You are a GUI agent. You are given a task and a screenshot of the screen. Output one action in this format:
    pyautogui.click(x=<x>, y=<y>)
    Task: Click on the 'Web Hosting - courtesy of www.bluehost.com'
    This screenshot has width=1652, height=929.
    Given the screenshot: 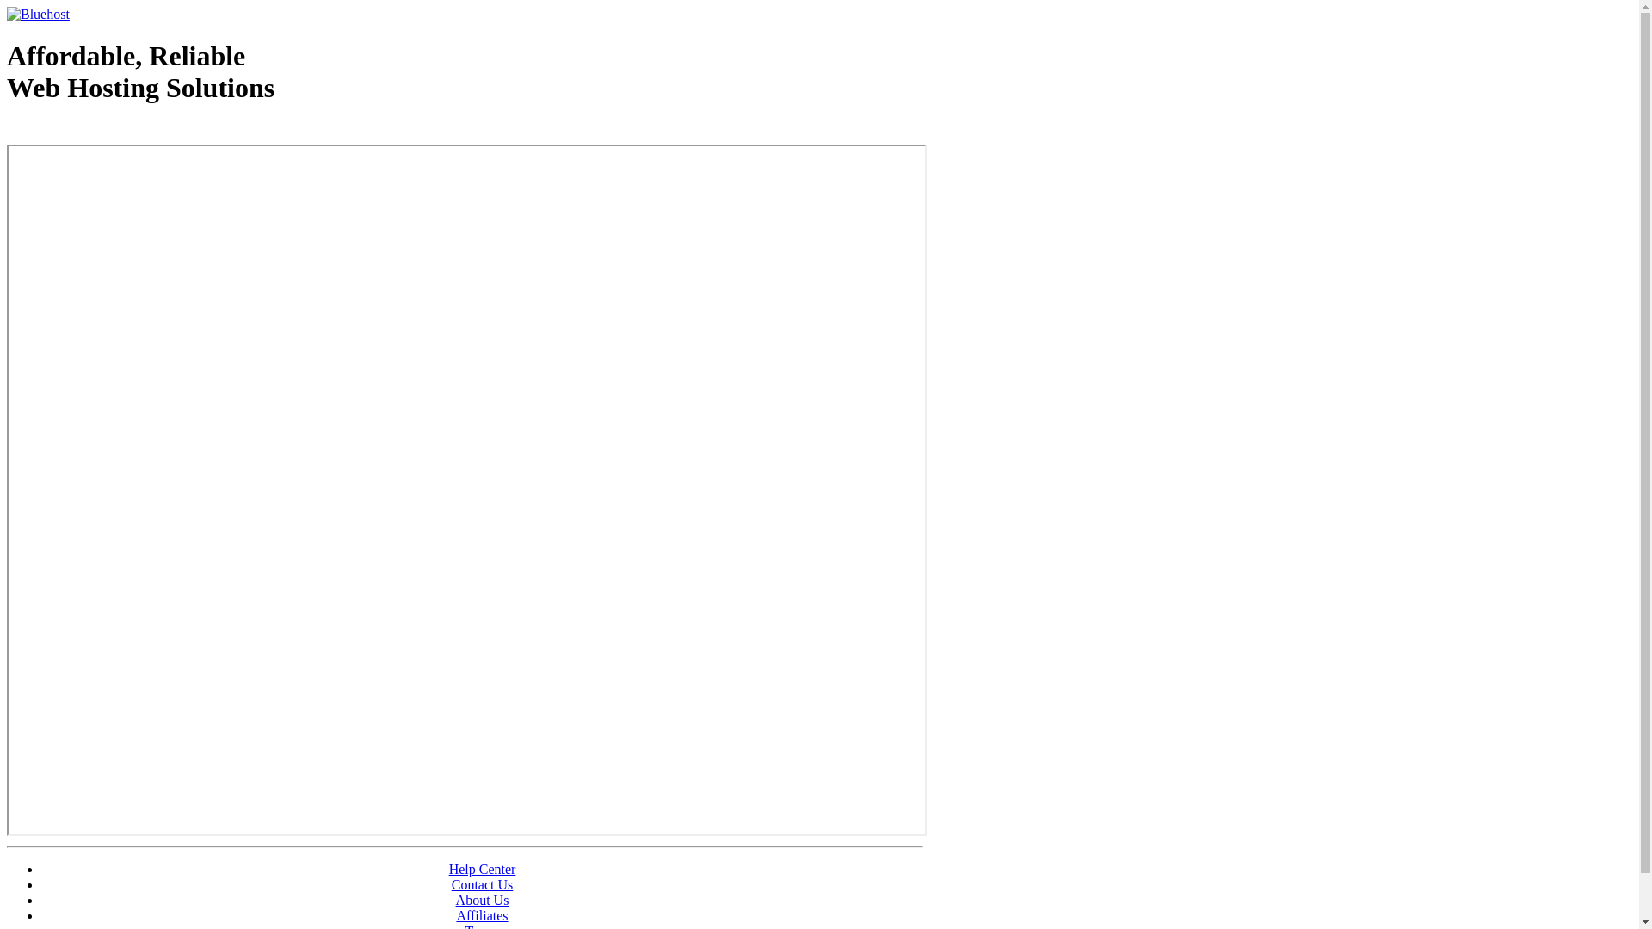 What is the action you would take?
    pyautogui.click(x=7, y=131)
    